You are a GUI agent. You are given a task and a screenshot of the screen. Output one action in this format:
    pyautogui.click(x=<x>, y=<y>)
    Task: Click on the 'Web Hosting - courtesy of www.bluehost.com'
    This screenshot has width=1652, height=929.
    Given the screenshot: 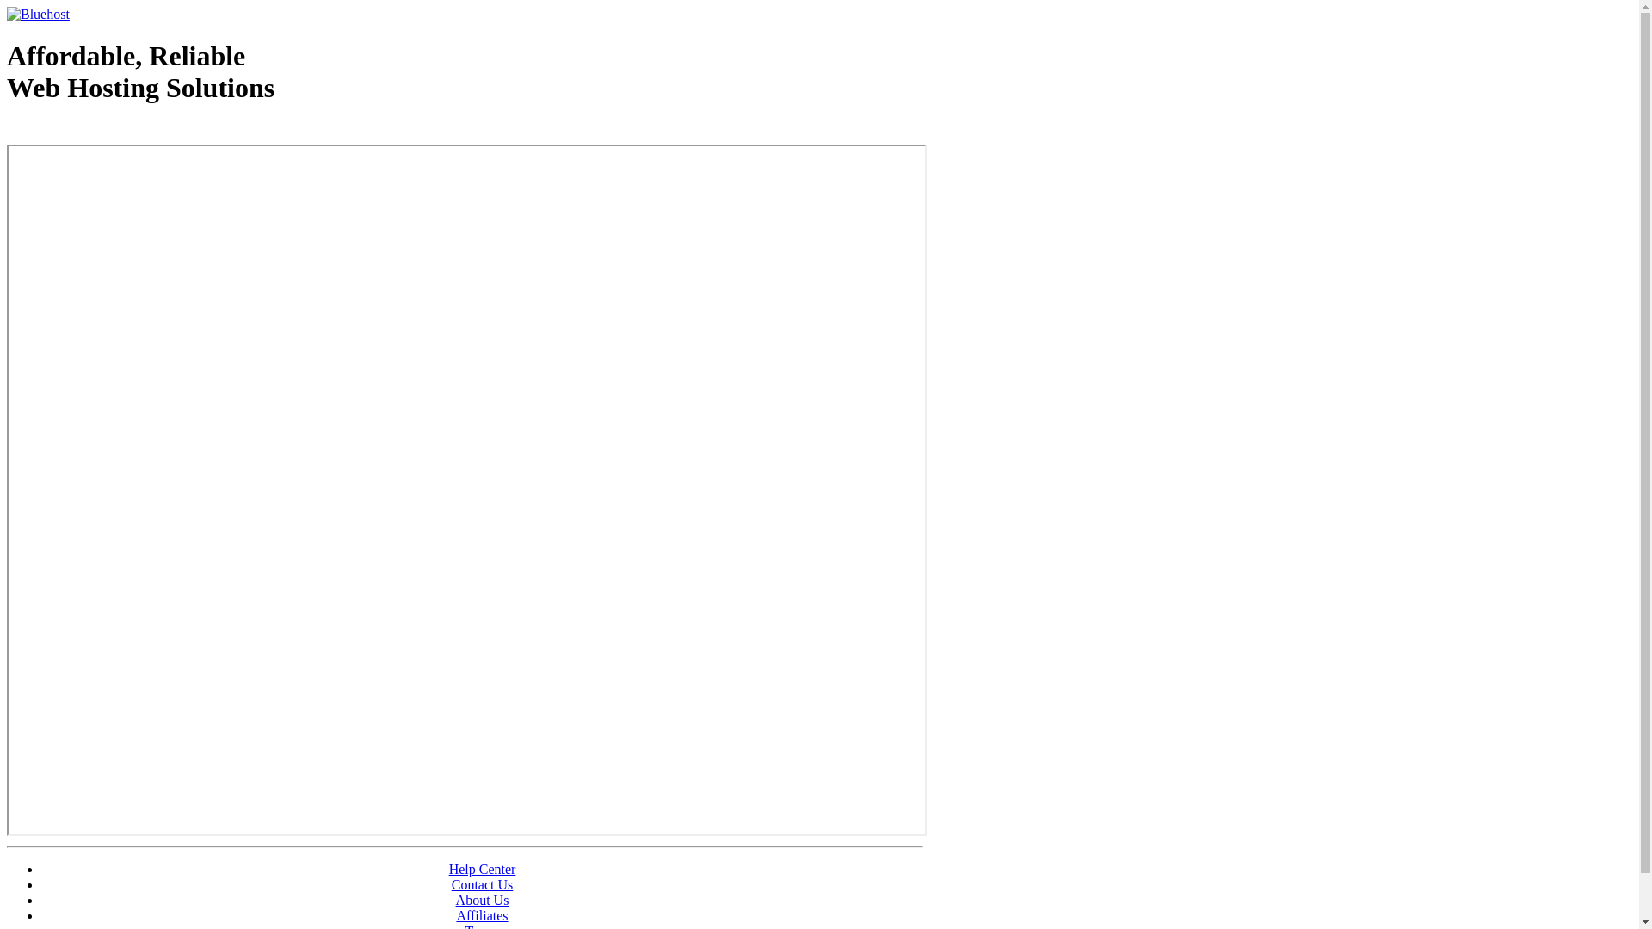 What is the action you would take?
    pyautogui.click(x=7, y=131)
    